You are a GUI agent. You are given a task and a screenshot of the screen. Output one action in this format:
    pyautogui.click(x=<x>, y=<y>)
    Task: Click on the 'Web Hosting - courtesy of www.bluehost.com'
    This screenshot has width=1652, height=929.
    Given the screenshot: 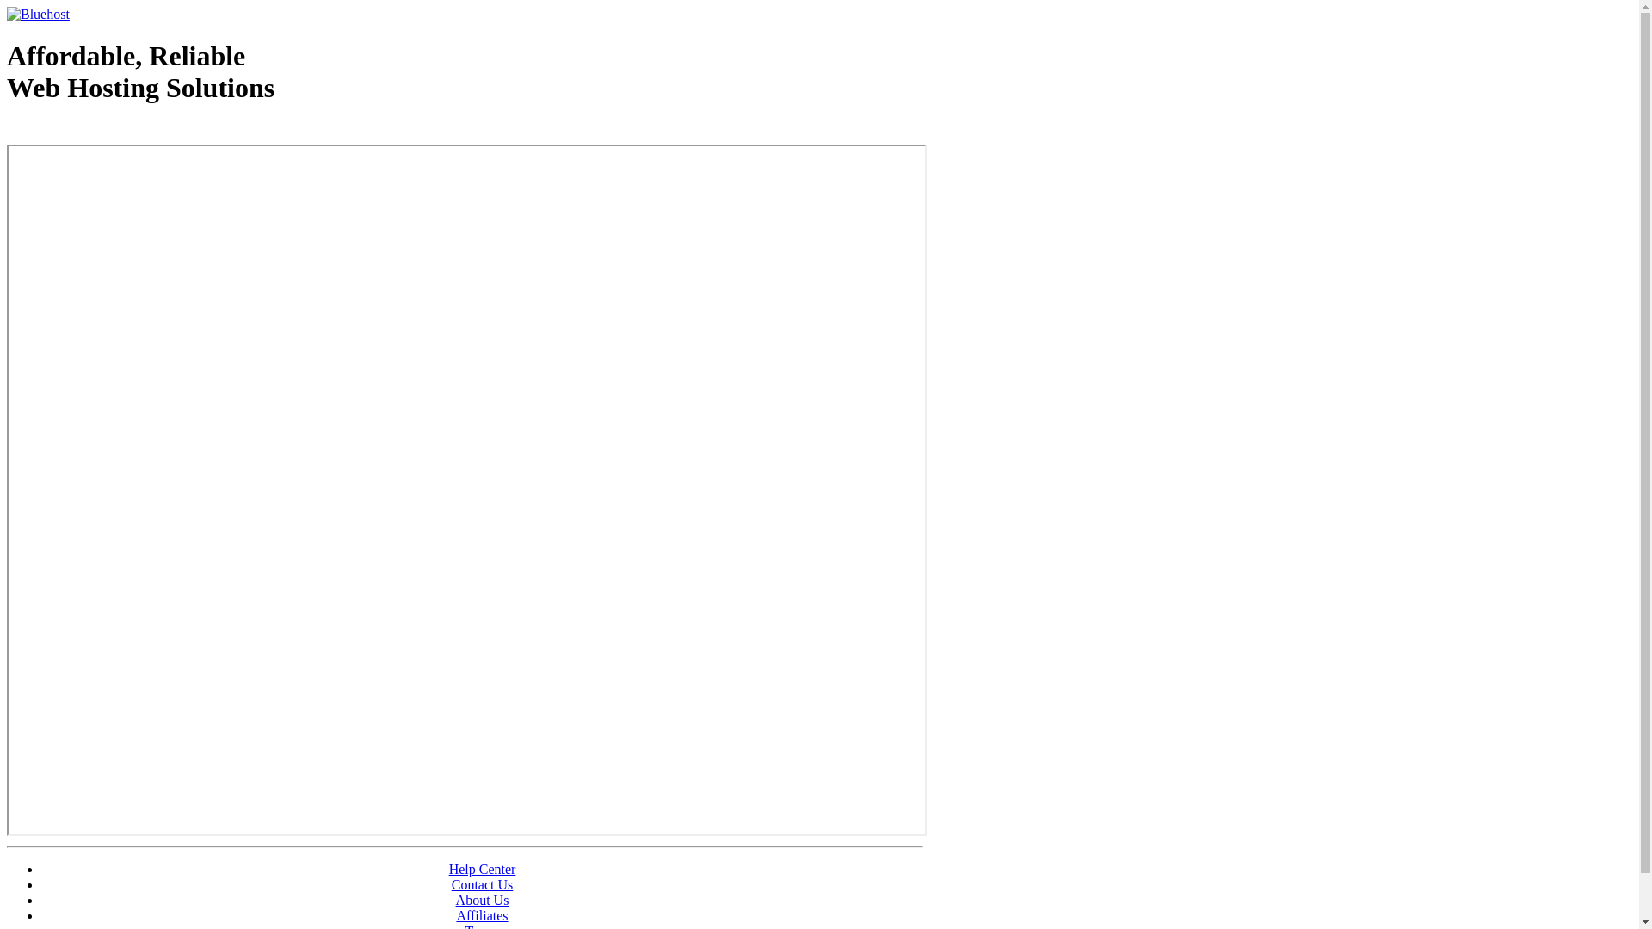 What is the action you would take?
    pyautogui.click(x=7, y=131)
    